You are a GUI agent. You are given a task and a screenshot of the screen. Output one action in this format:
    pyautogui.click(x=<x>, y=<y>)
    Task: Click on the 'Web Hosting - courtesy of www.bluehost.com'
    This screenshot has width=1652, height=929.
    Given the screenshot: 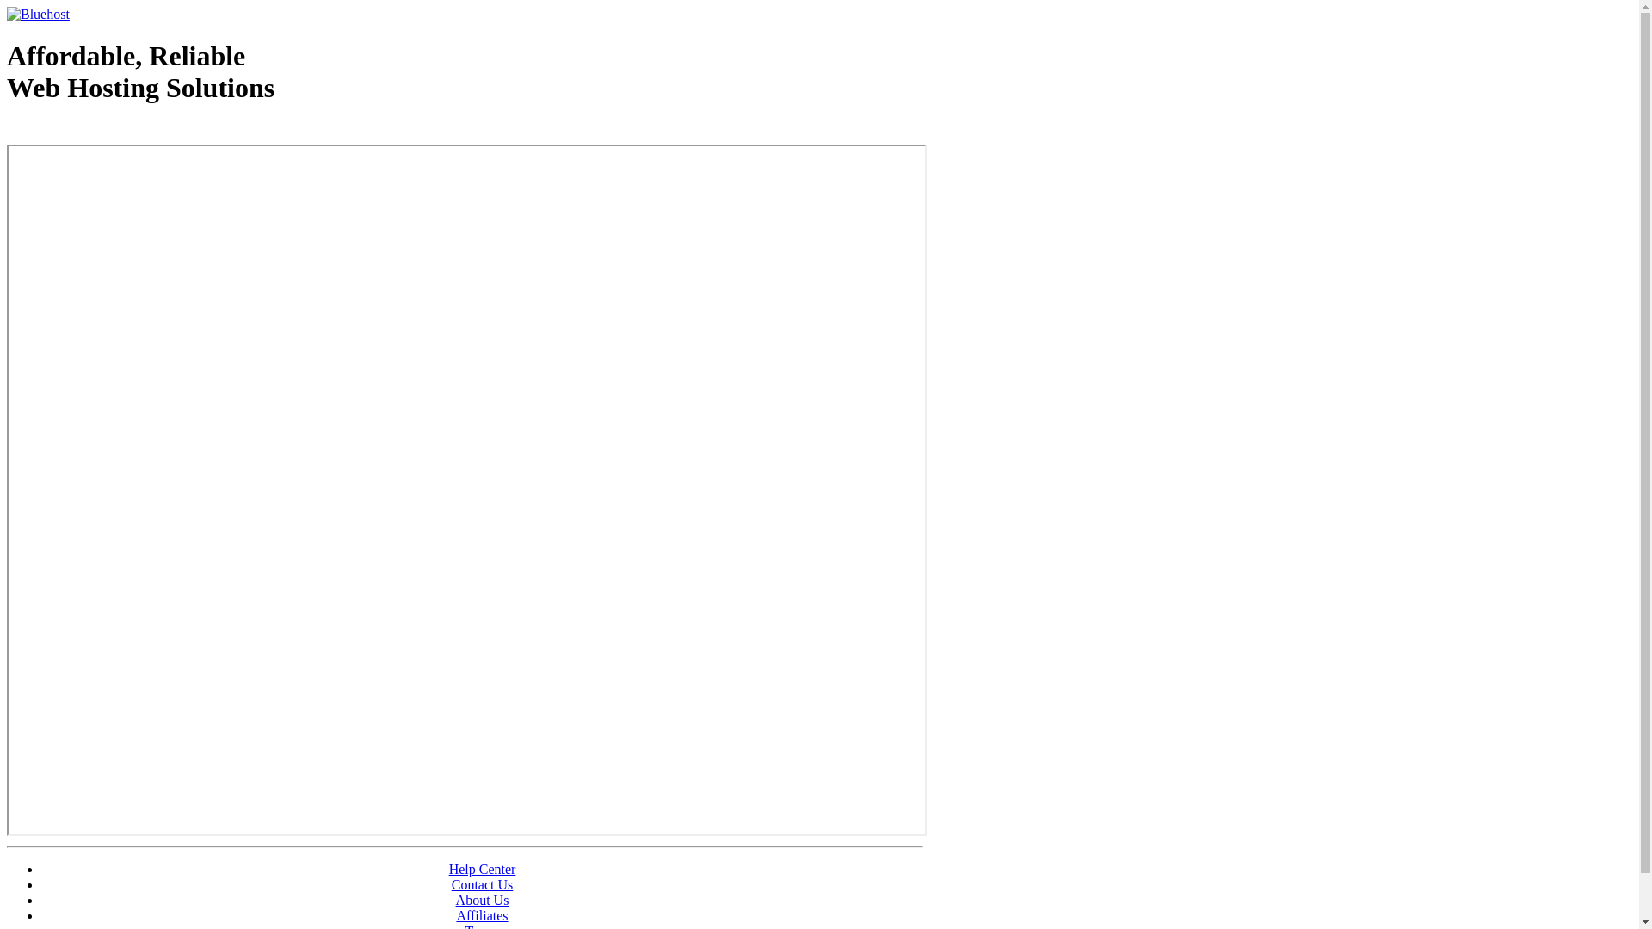 What is the action you would take?
    pyautogui.click(x=7, y=131)
    